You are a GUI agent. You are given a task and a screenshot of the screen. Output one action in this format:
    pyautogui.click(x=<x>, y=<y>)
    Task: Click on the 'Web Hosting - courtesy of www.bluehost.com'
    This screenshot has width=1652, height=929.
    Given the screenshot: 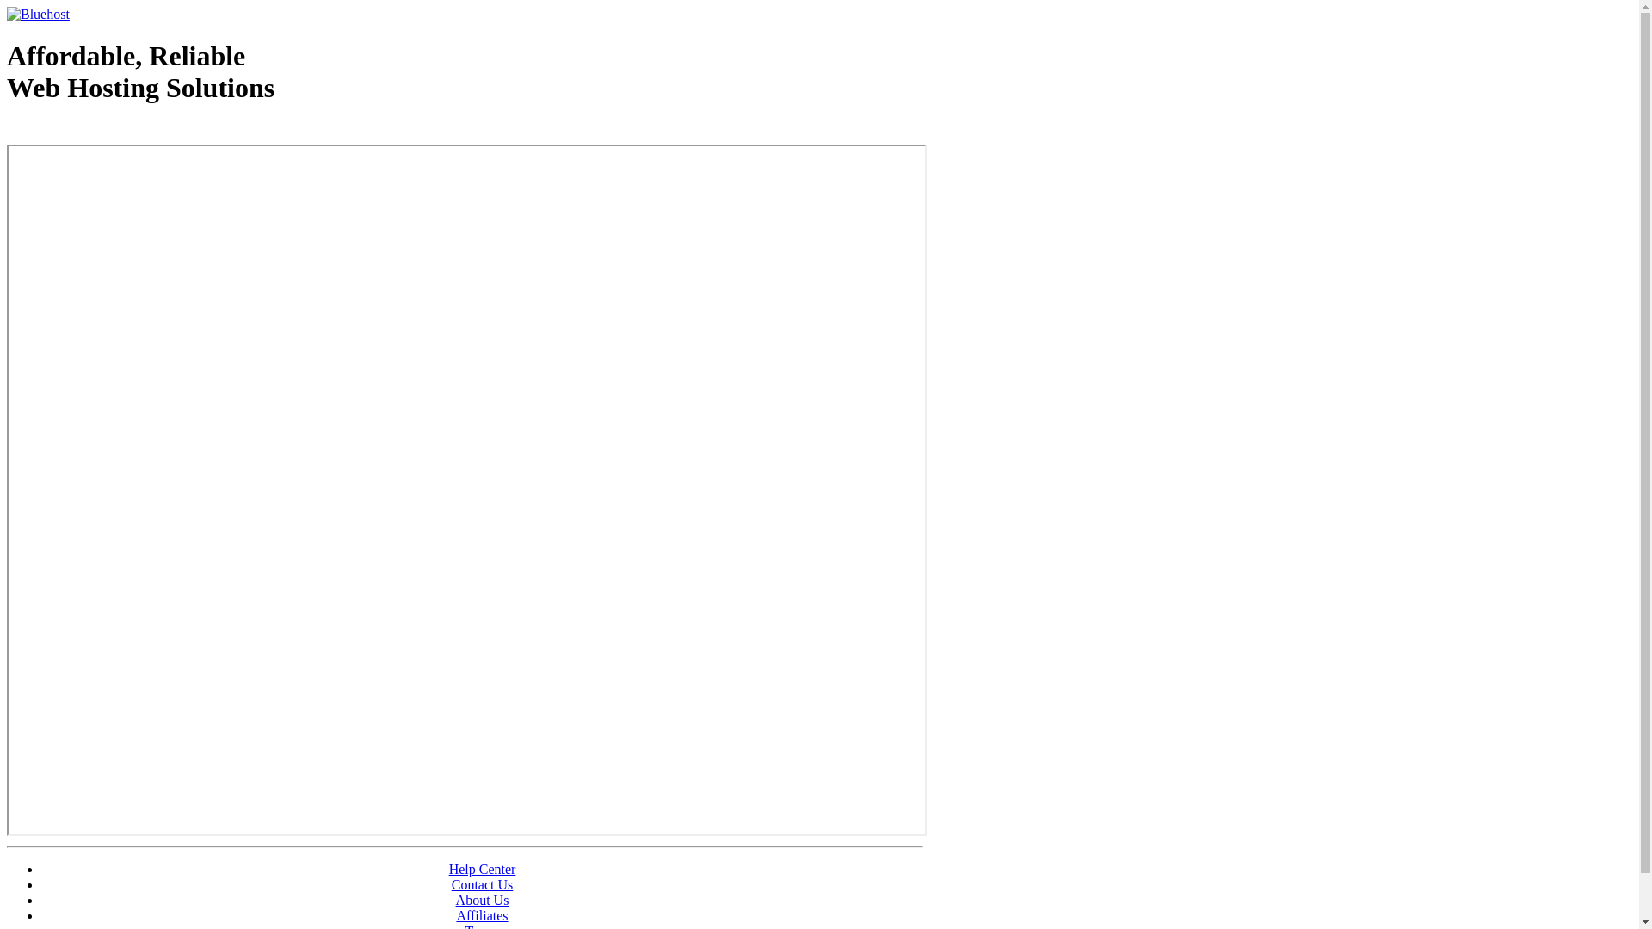 What is the action you would take?
    pyautogui.click(x=7, y=131)
    